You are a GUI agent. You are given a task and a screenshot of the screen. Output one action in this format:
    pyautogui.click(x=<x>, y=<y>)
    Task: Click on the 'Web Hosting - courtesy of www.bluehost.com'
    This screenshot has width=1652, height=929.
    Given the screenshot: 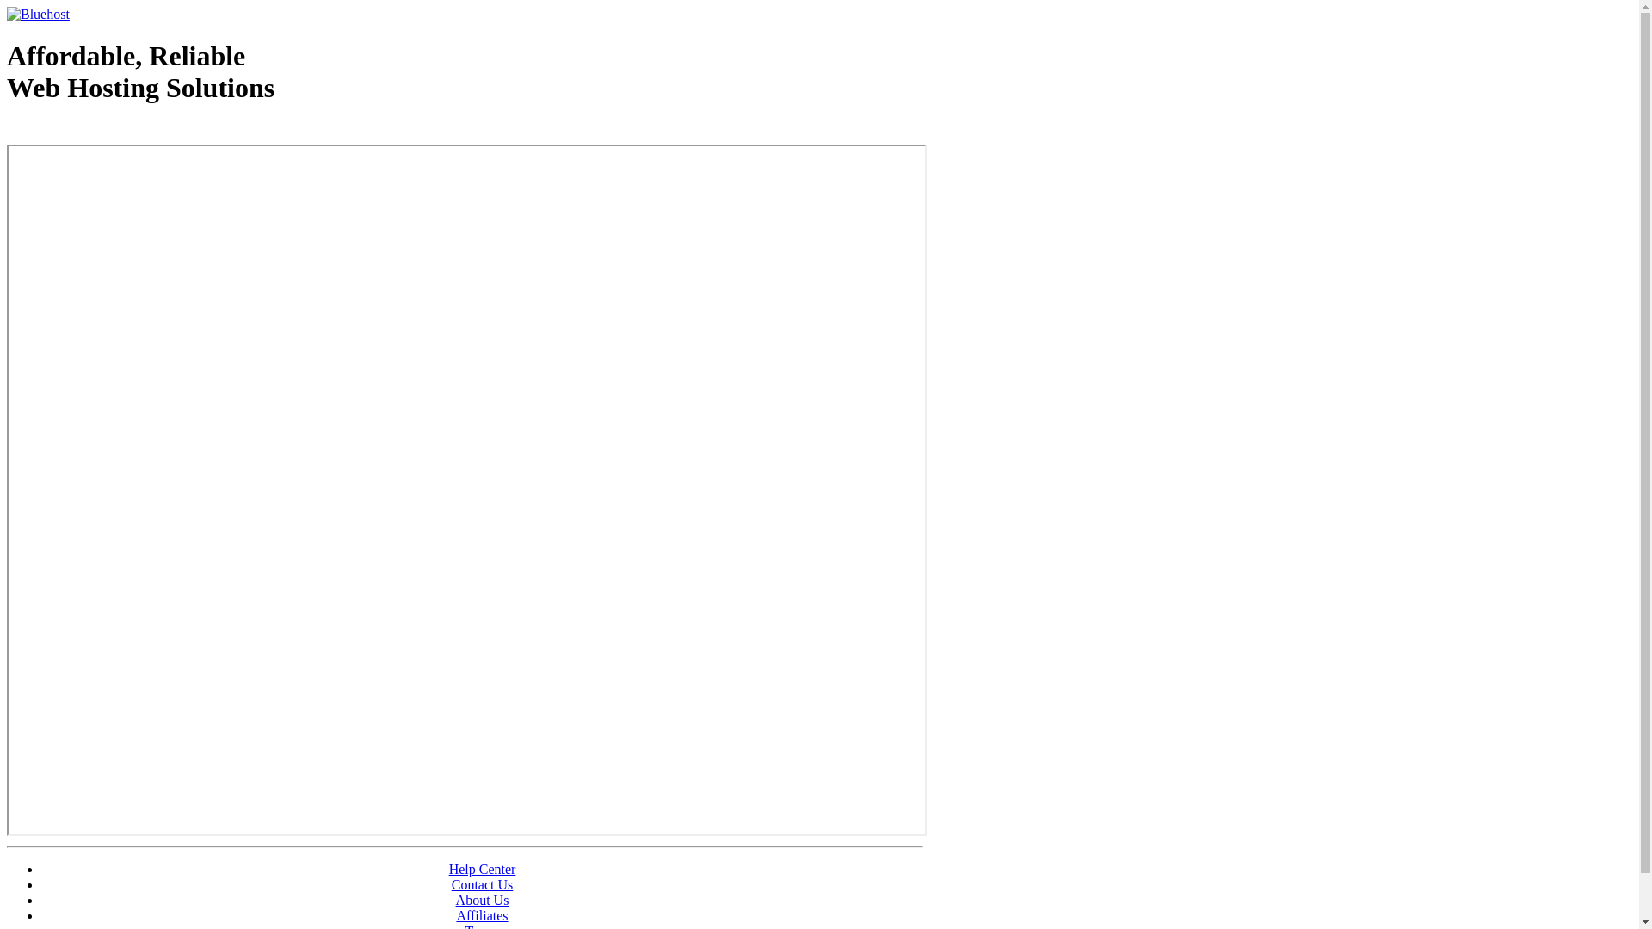 What is the action you would take?
    pyautogui.click(x=7, y=131)
    